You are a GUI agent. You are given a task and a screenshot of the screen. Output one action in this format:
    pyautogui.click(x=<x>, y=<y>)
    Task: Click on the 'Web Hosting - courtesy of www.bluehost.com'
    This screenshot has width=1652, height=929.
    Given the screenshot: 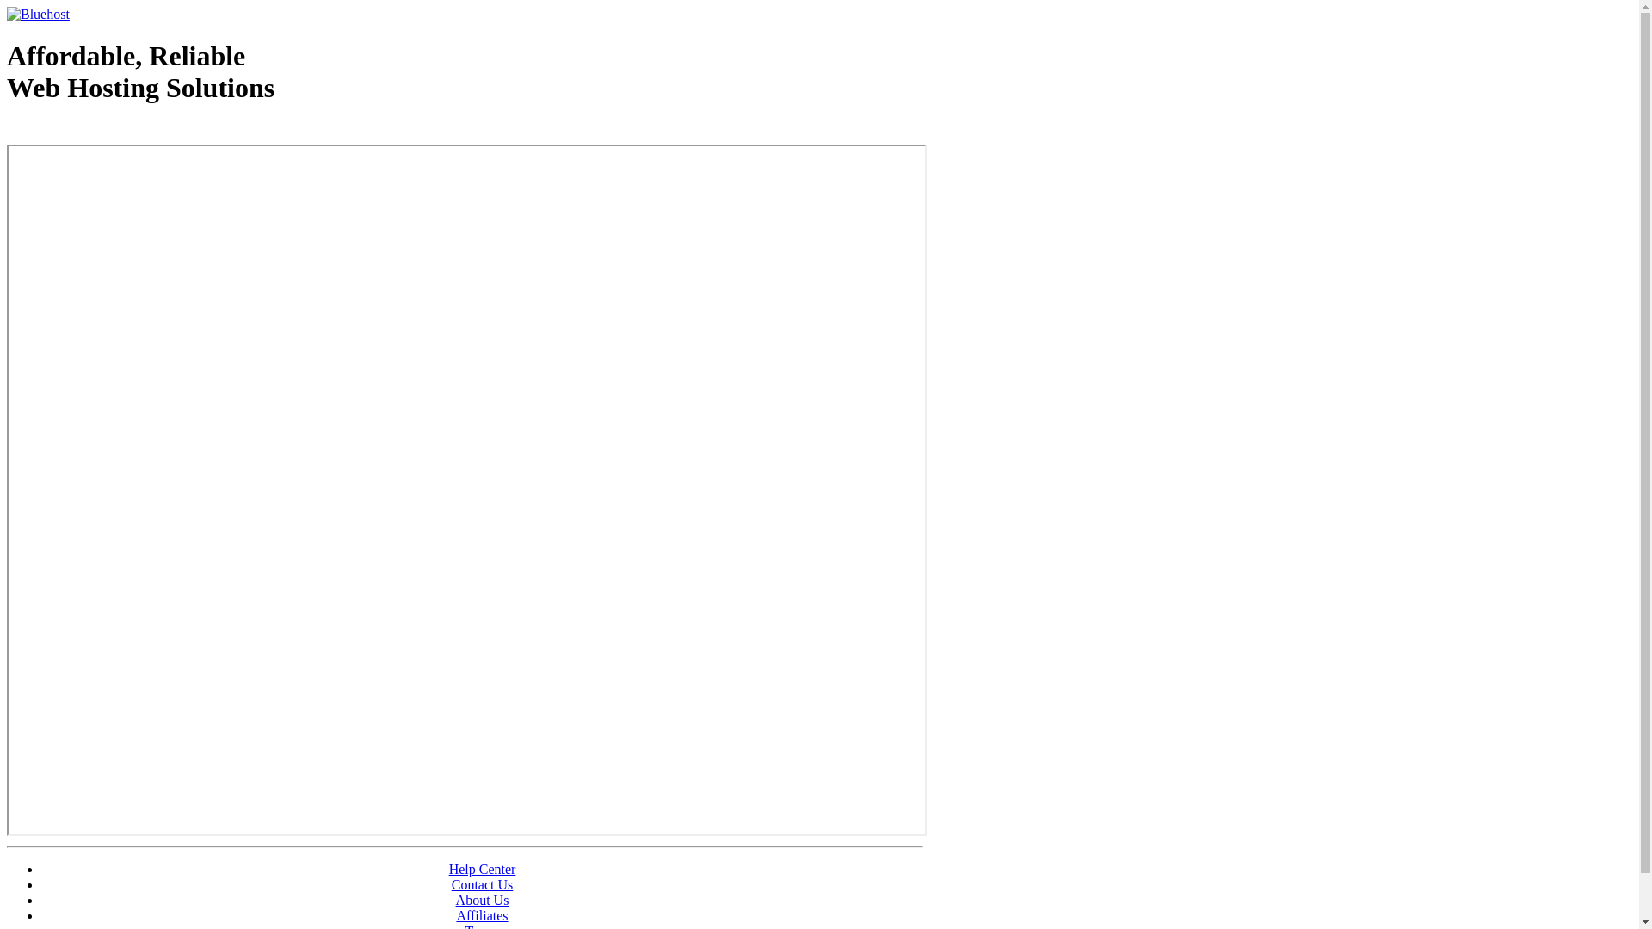 What is the action you would take?
    pyautogui.click(x=7, y=131)
    